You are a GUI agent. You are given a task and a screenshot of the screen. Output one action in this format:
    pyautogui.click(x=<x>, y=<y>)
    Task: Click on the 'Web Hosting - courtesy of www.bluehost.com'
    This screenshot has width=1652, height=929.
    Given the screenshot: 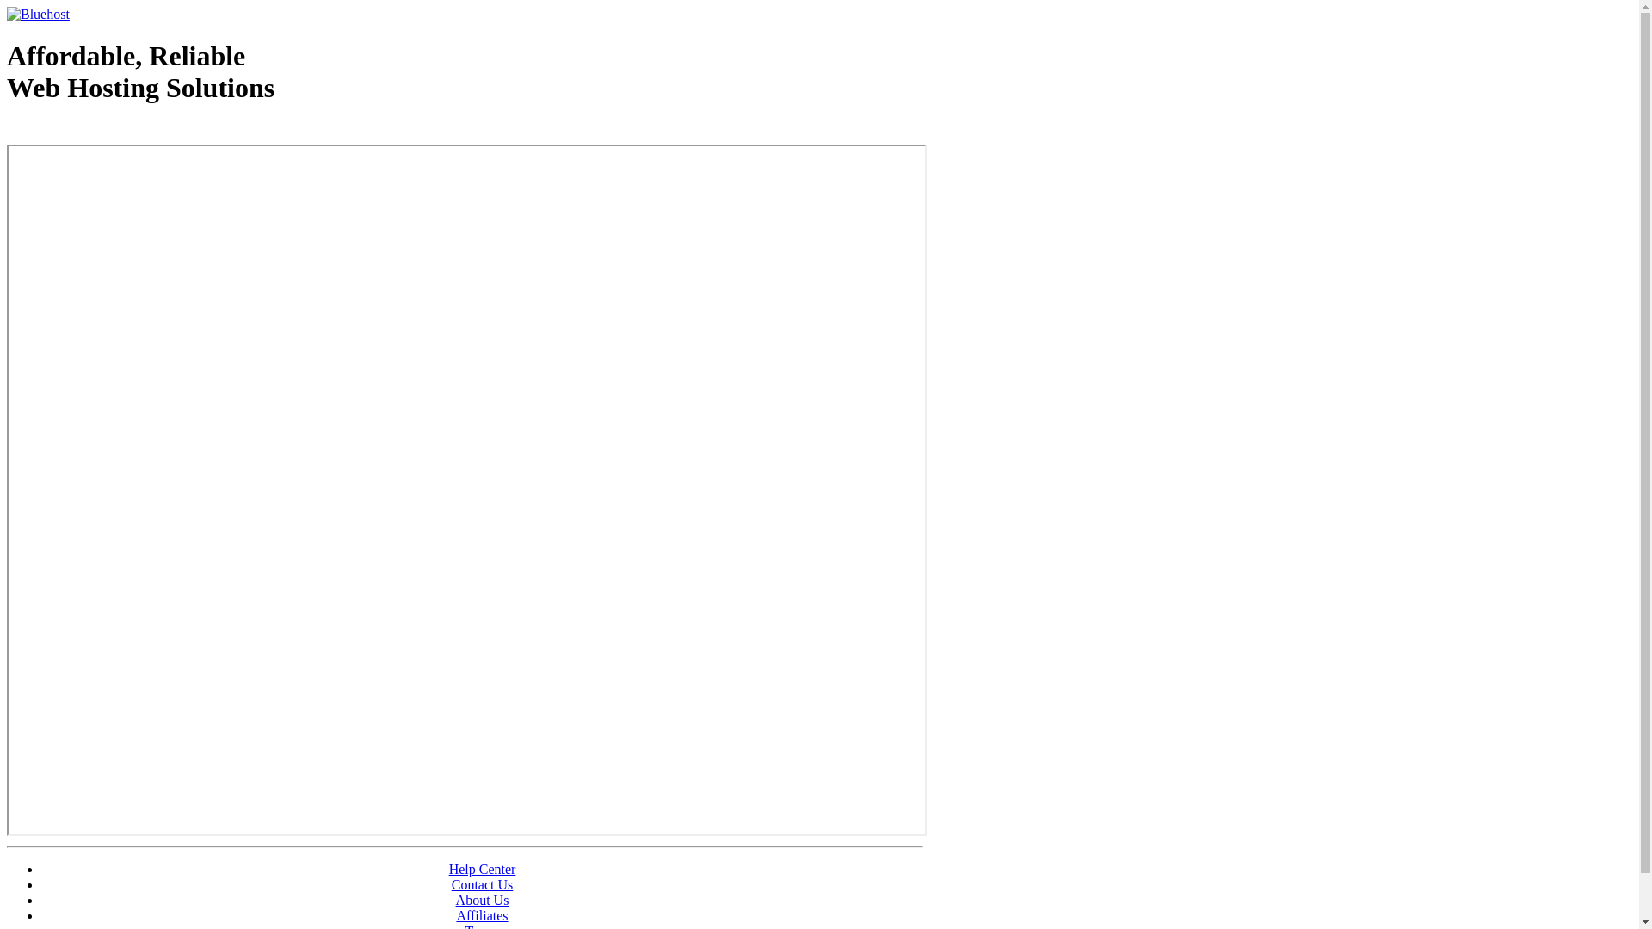 What is the action you would take?
    pyautogui.click(x=7, y=131)
    